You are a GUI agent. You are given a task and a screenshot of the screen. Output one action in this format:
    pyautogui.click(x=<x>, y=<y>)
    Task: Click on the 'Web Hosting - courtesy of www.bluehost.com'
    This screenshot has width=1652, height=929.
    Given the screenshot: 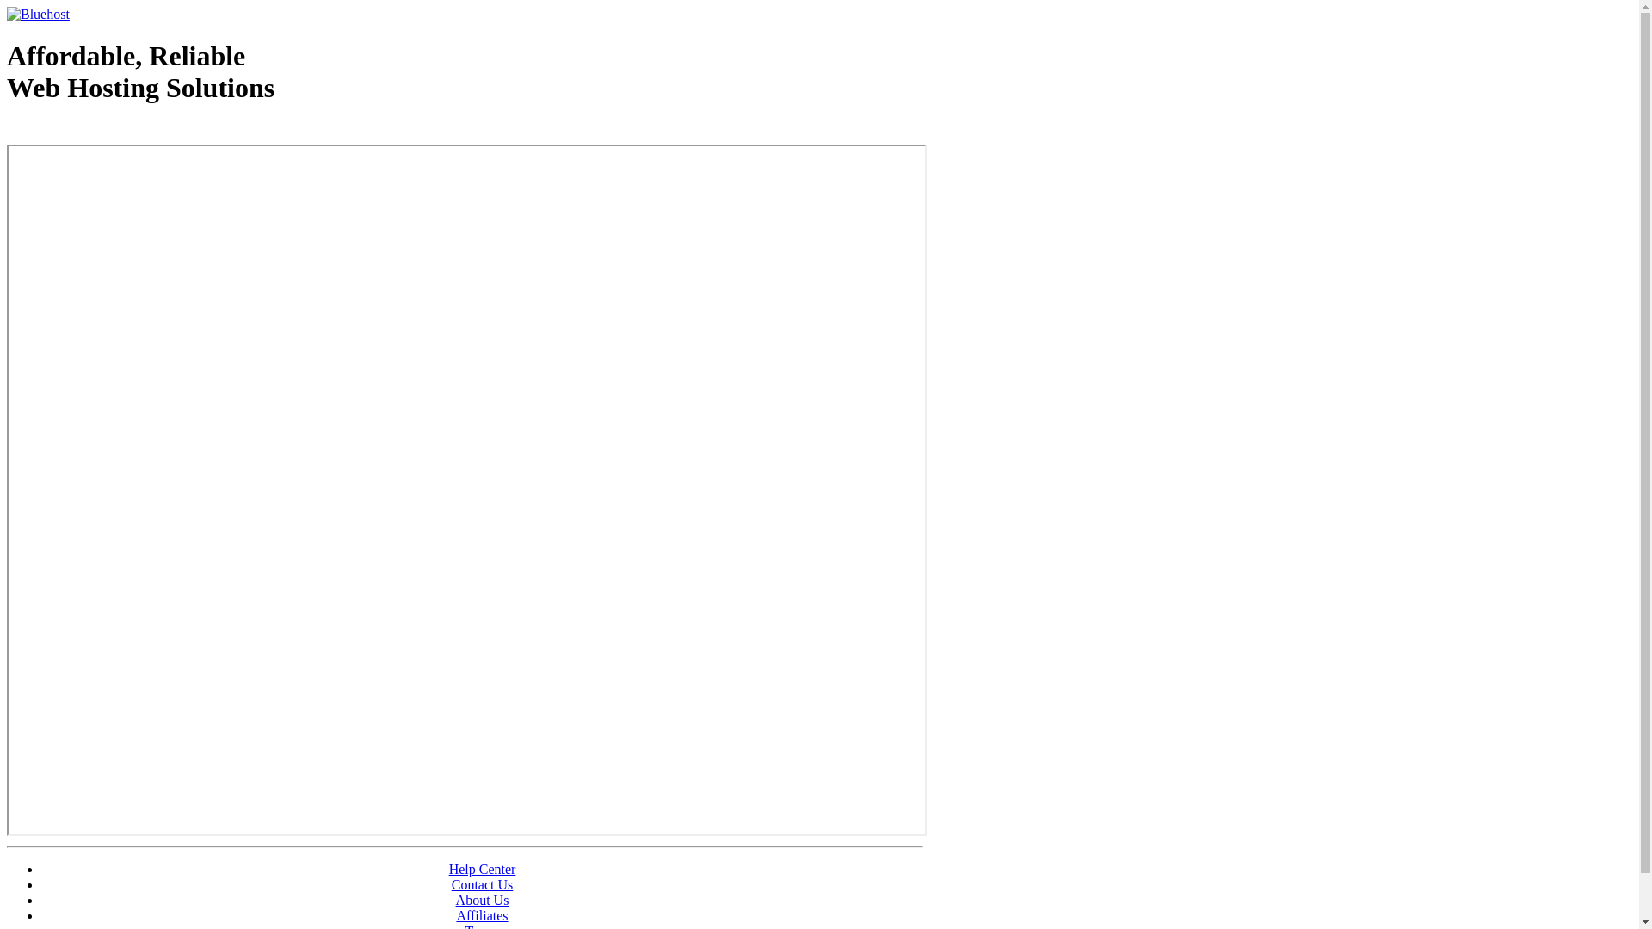 What is the action you would take?
    pyautogui.click(x=7, y=131)
    